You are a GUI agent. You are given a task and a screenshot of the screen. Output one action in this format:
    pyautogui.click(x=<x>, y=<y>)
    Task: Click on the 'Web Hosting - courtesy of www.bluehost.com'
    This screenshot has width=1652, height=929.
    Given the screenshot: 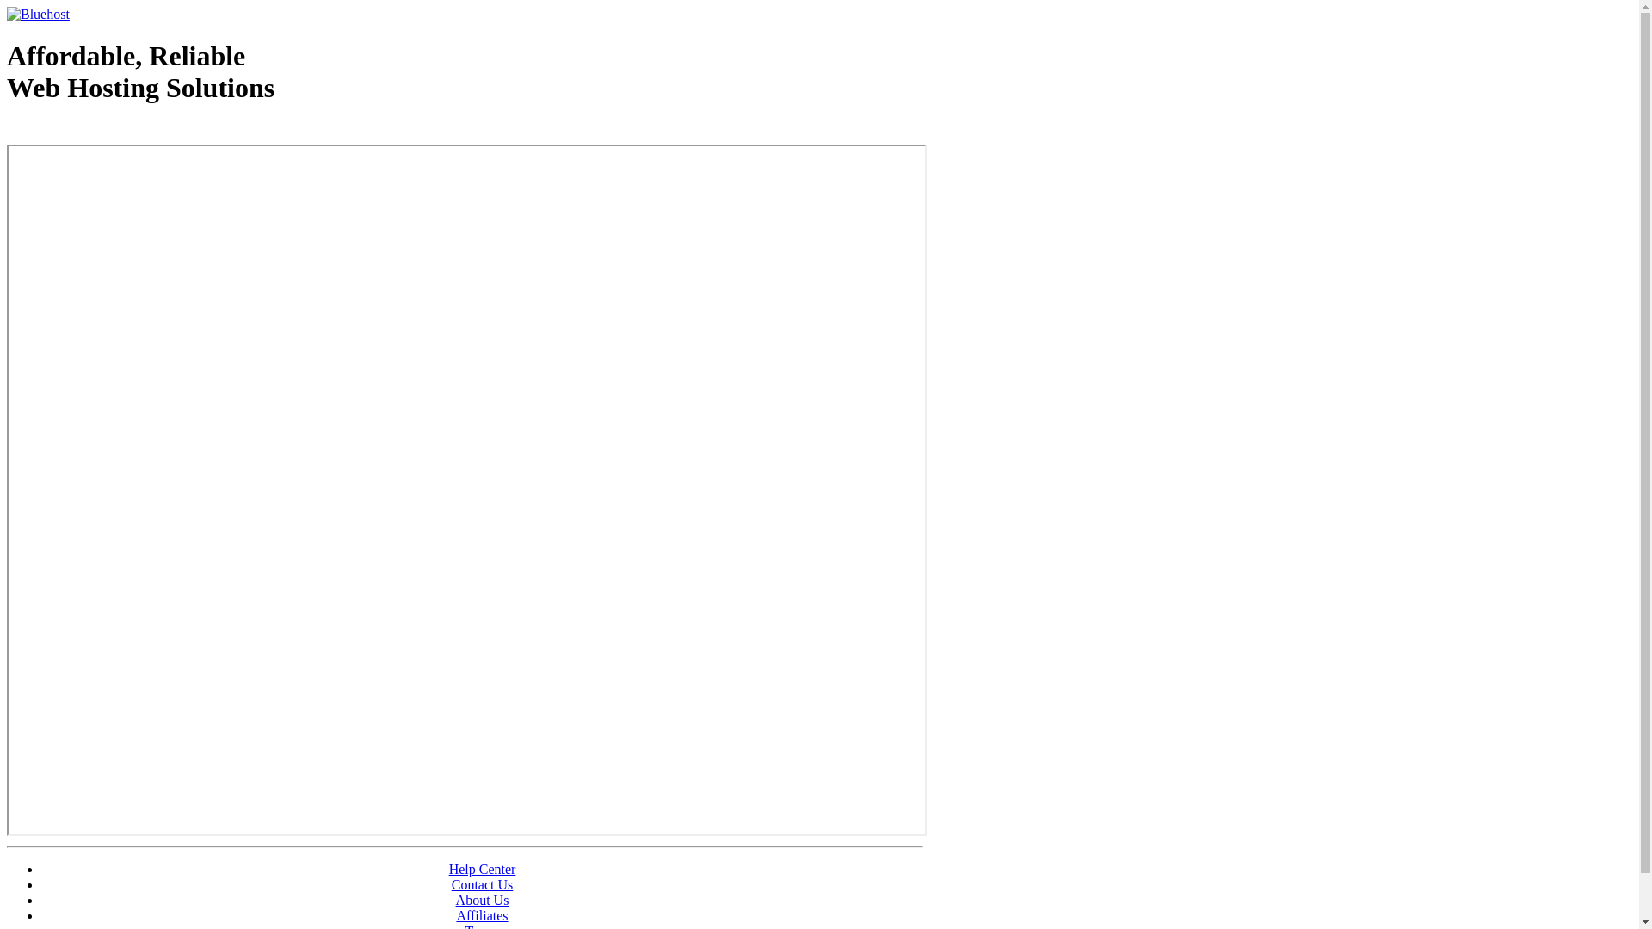 What is the action you would take?
    pyautogui.click(x=7, y=131)
    